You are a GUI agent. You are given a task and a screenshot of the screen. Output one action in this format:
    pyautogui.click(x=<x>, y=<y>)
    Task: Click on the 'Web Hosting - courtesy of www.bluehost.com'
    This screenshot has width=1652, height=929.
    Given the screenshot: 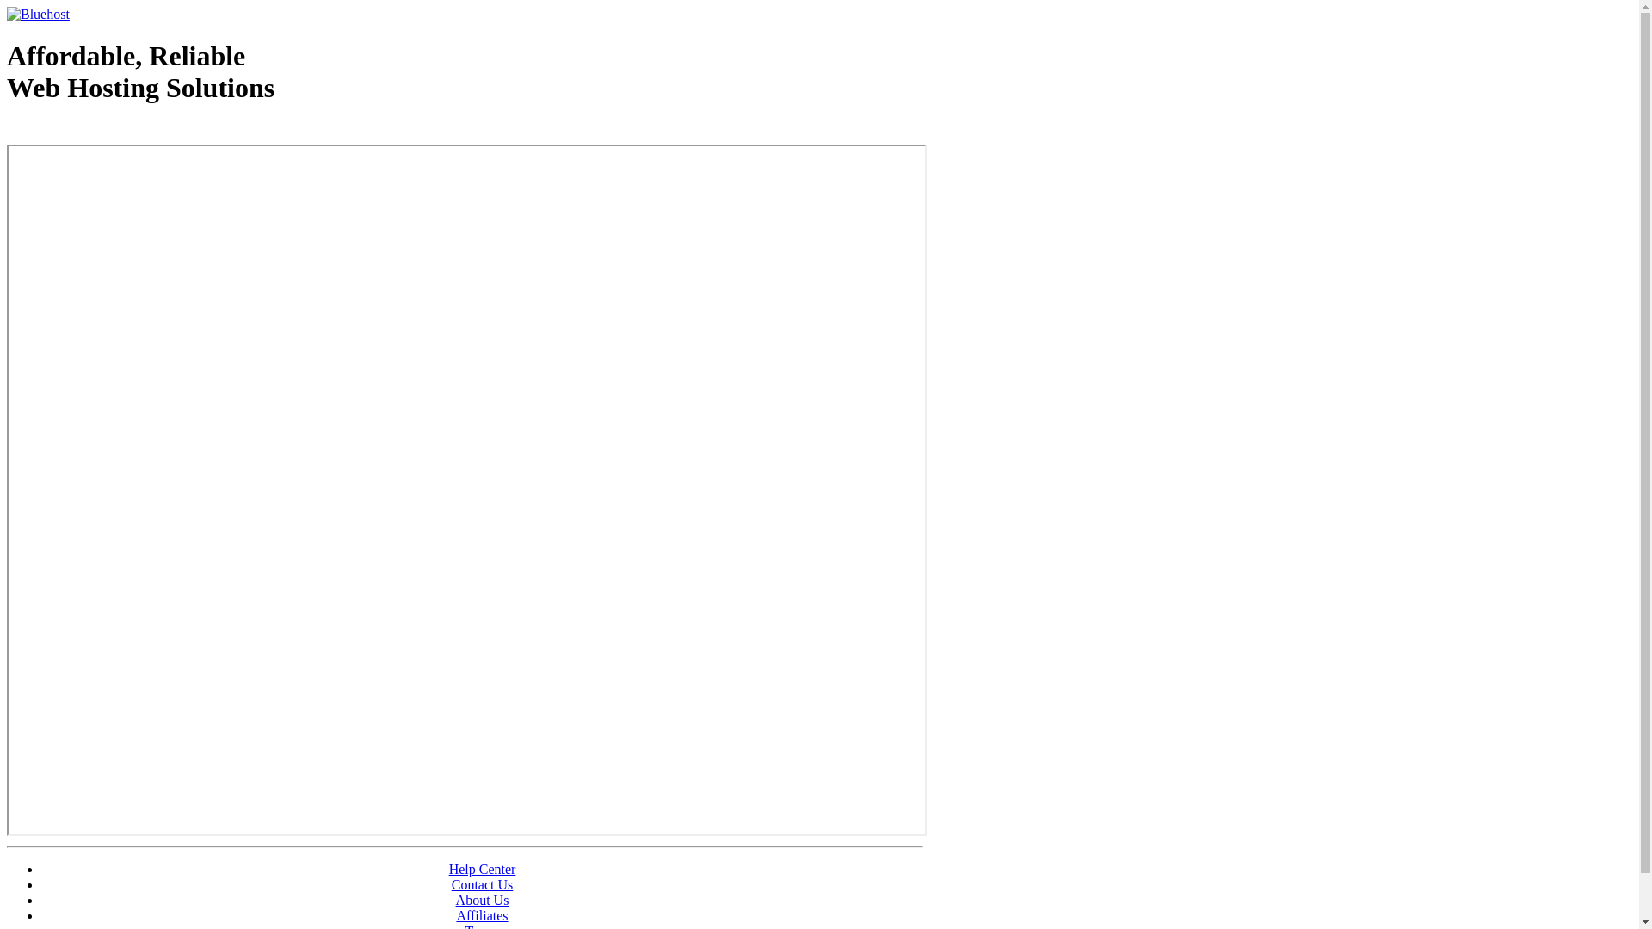 What is the action you would take?
    pyautogui.click(x=7, y=131)
    